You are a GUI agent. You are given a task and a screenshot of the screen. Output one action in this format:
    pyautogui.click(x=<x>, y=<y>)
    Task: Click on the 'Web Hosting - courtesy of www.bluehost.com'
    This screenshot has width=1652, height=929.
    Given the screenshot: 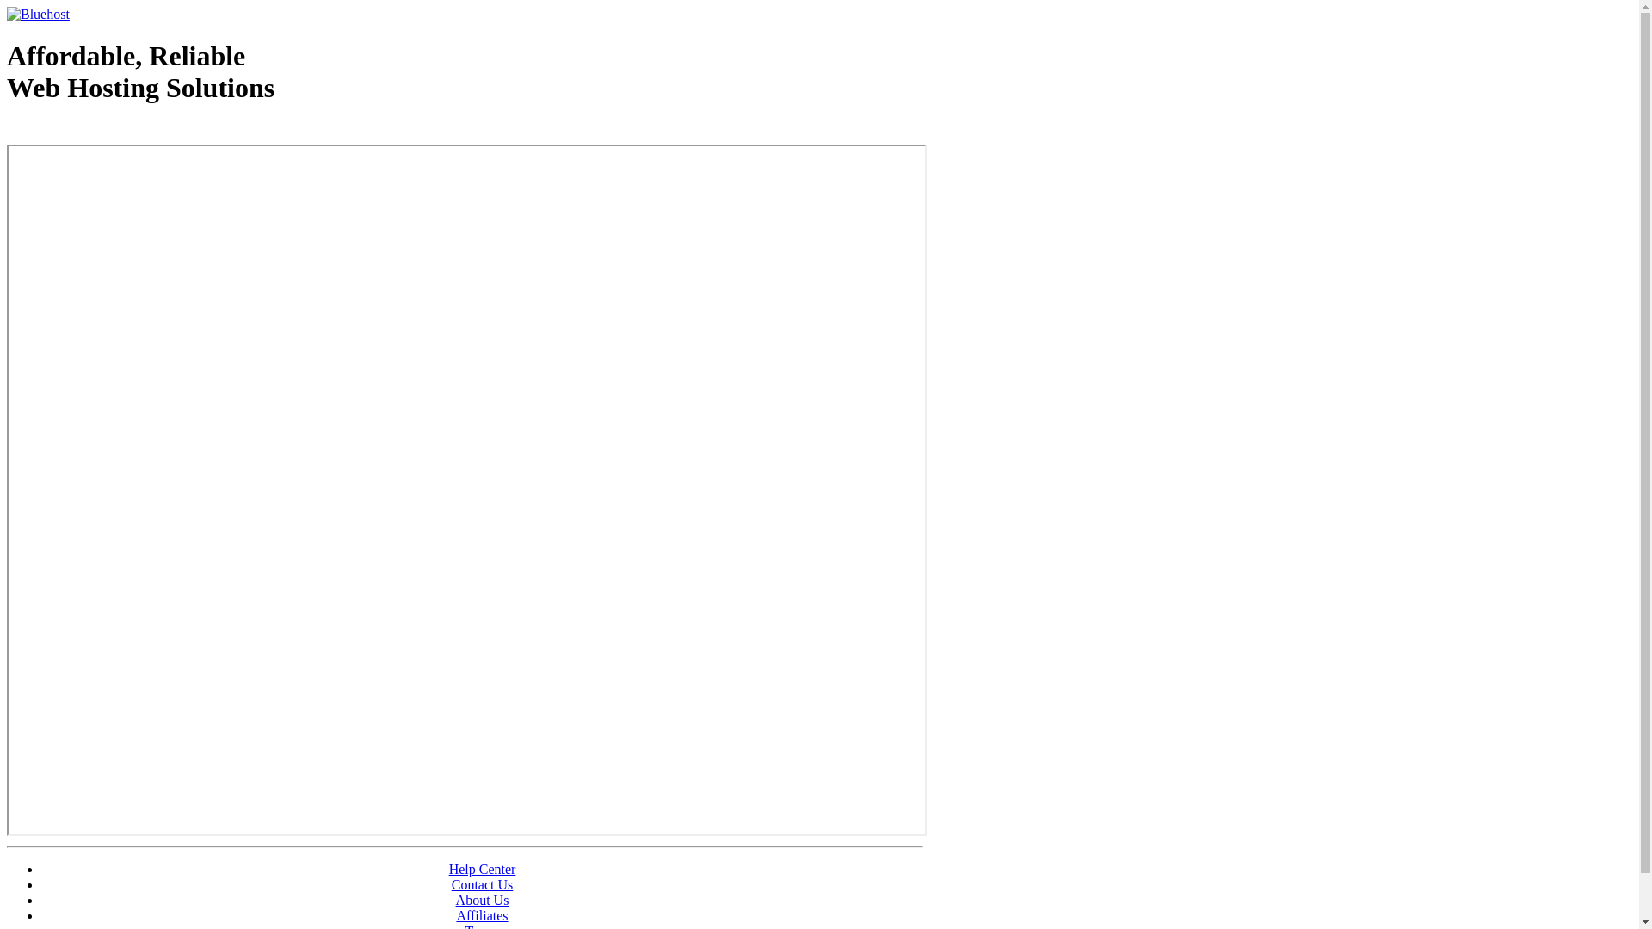 What is the action you would take?
    pyautogui.click(x=7, y=131)
    